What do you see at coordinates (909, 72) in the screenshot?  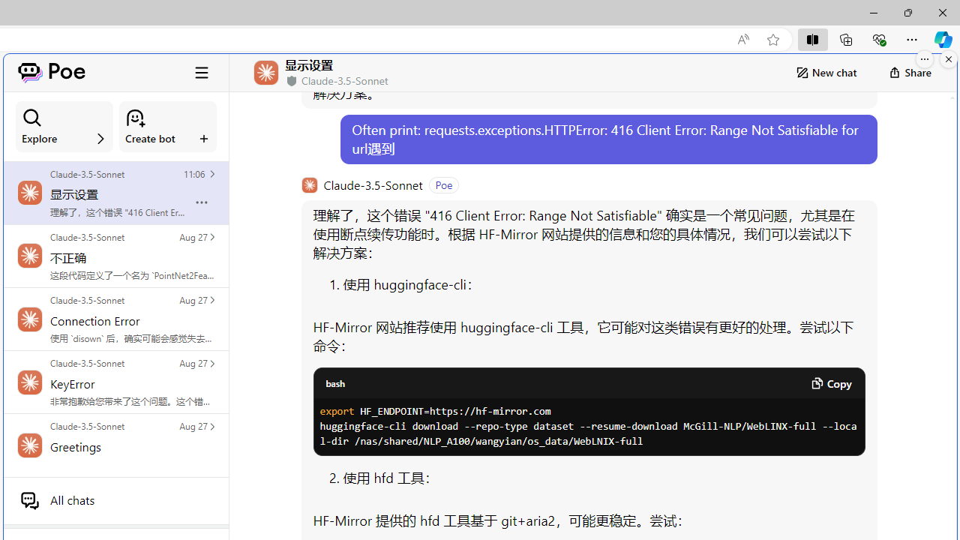 I see `'Share'` at bounding box center [909, 72].